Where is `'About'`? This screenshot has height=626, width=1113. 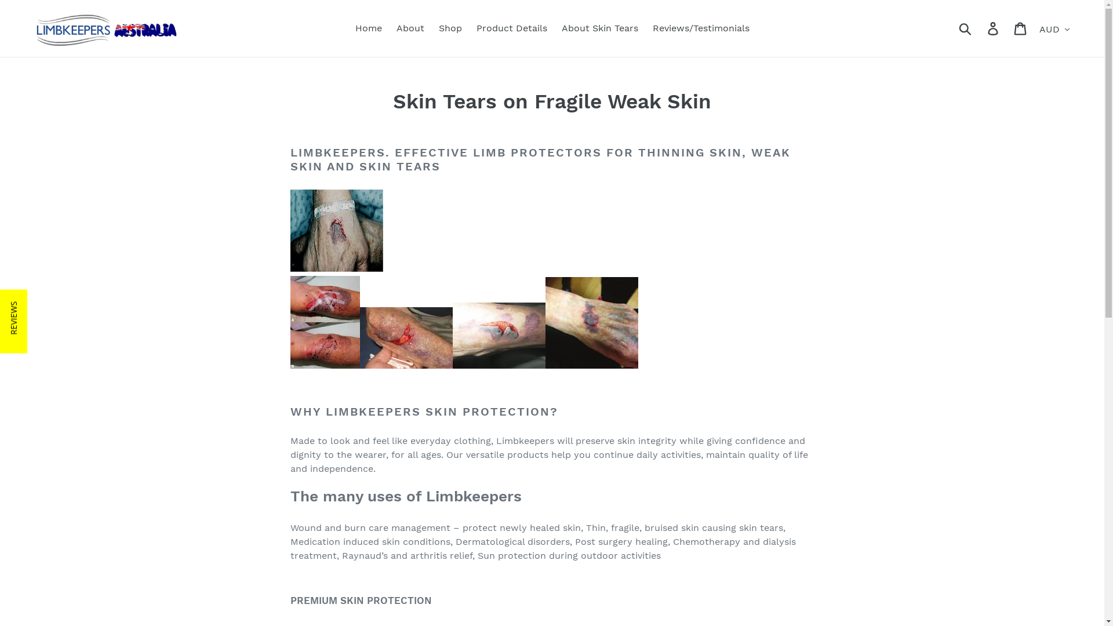 'About' is located at coordinates (410, 28).